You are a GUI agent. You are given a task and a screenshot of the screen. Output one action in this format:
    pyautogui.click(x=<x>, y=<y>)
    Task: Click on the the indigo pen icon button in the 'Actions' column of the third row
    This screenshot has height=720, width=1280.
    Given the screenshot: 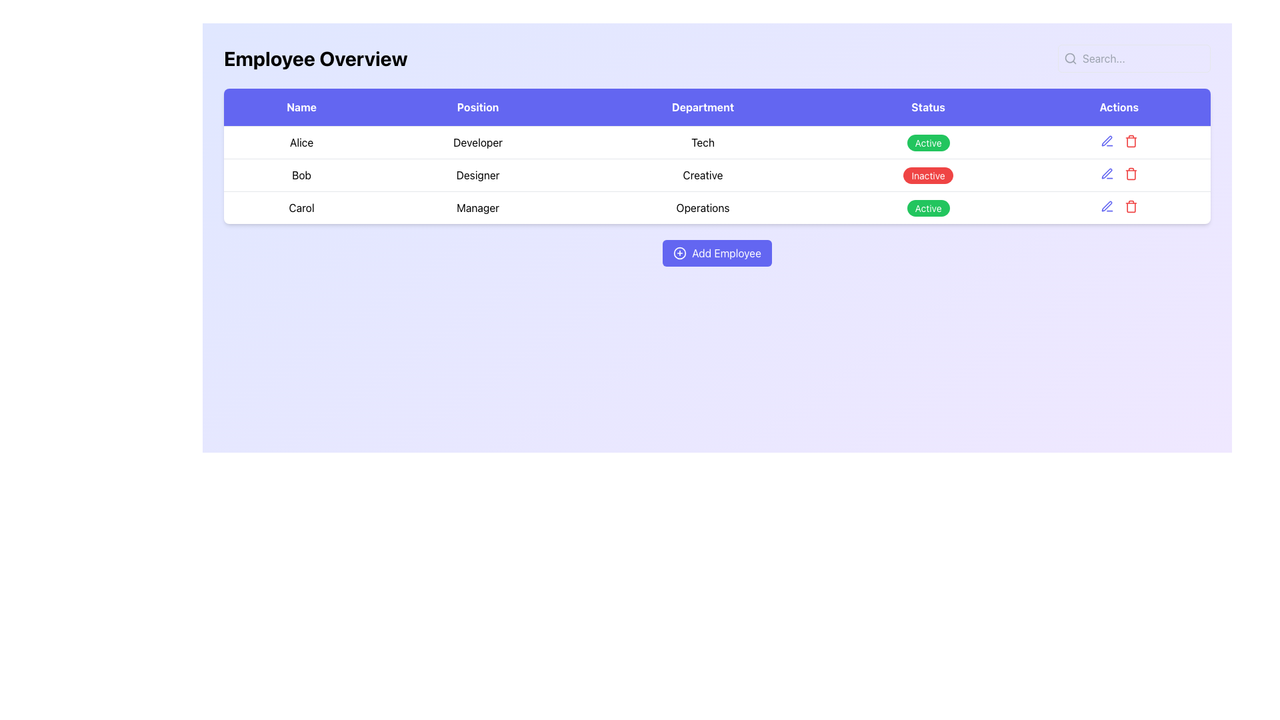 What is the action you would take?
    pyautogui.click(x=1107, y=173)
    